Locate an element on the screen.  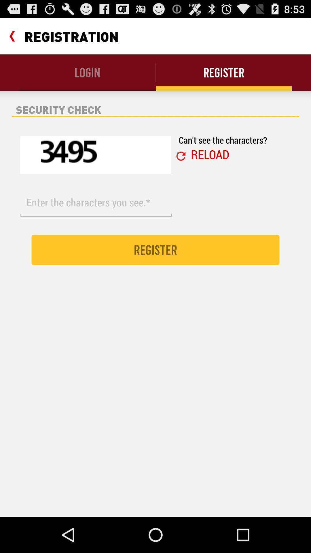
the reload is located at coordinates (210, 154).